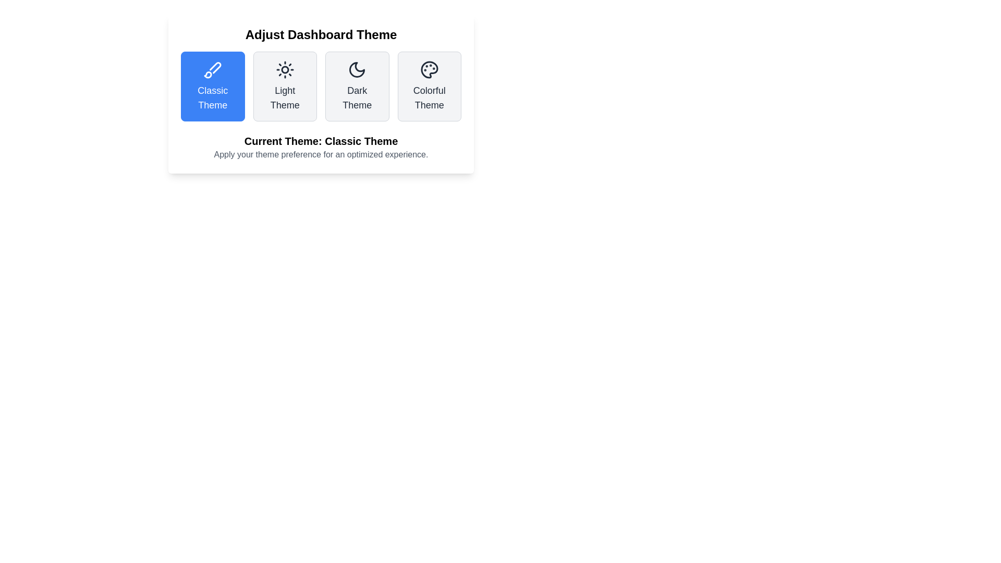  Describe the element at coordinates (285, 85) in the screenshot. I see `the 'Light Theme' button, which is positioned in the second column of a four-column grid layout` at that location.